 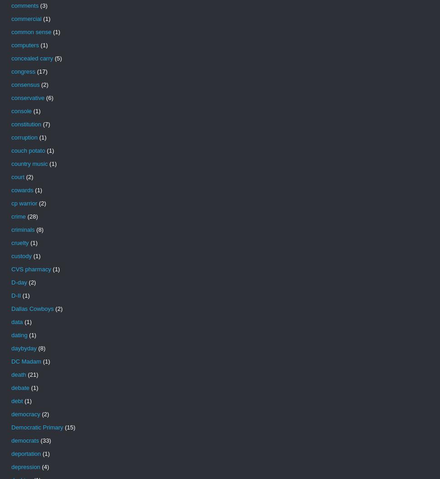 I want to click on 'death', so click(x=11, y=374).